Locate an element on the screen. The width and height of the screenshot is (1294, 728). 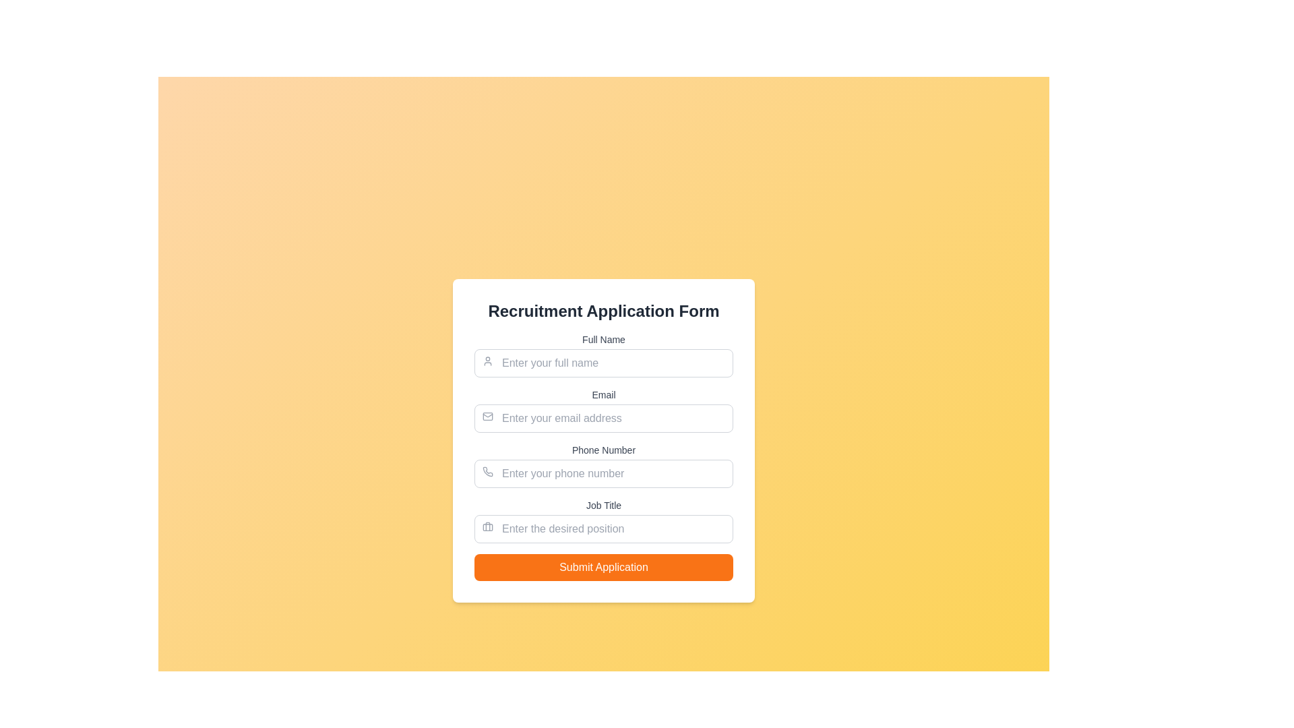
the label that provides context for the input field between the 'Phone Number' and 'Enter the desired position' fields is located at coordinates (603, 505).